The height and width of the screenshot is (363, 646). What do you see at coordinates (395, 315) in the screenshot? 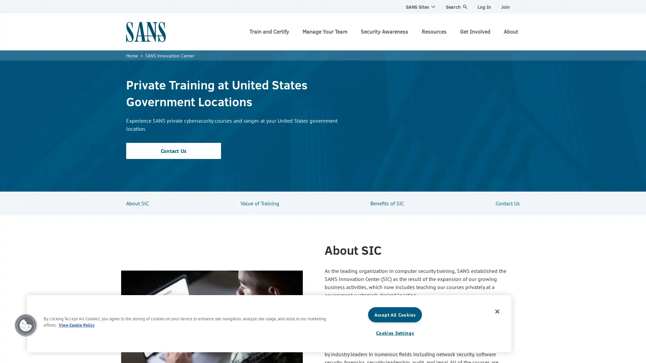
I see `Accept All Cookies` at bounding box center [395, 315].